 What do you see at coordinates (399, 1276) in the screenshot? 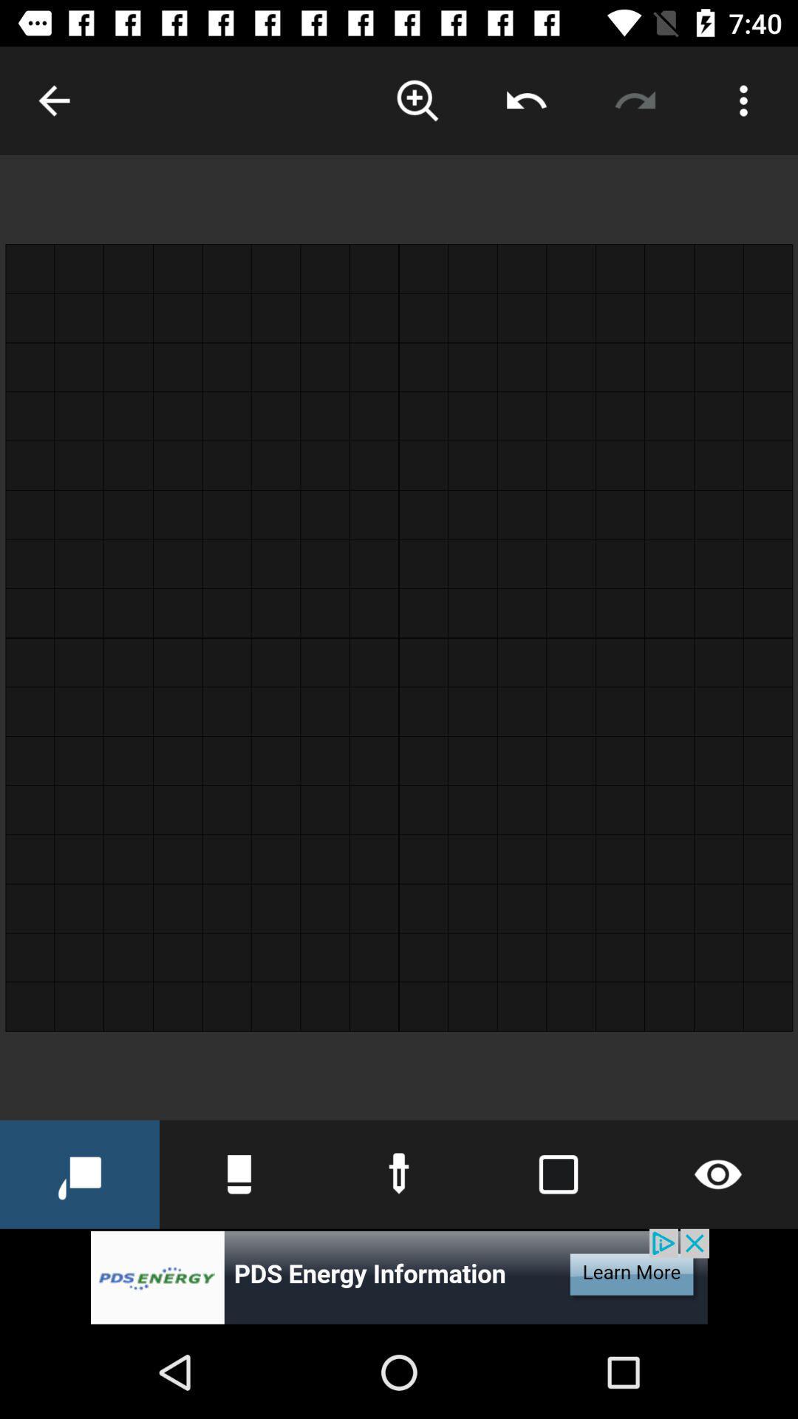
I see `banner` at bounding box center [399, 1276].